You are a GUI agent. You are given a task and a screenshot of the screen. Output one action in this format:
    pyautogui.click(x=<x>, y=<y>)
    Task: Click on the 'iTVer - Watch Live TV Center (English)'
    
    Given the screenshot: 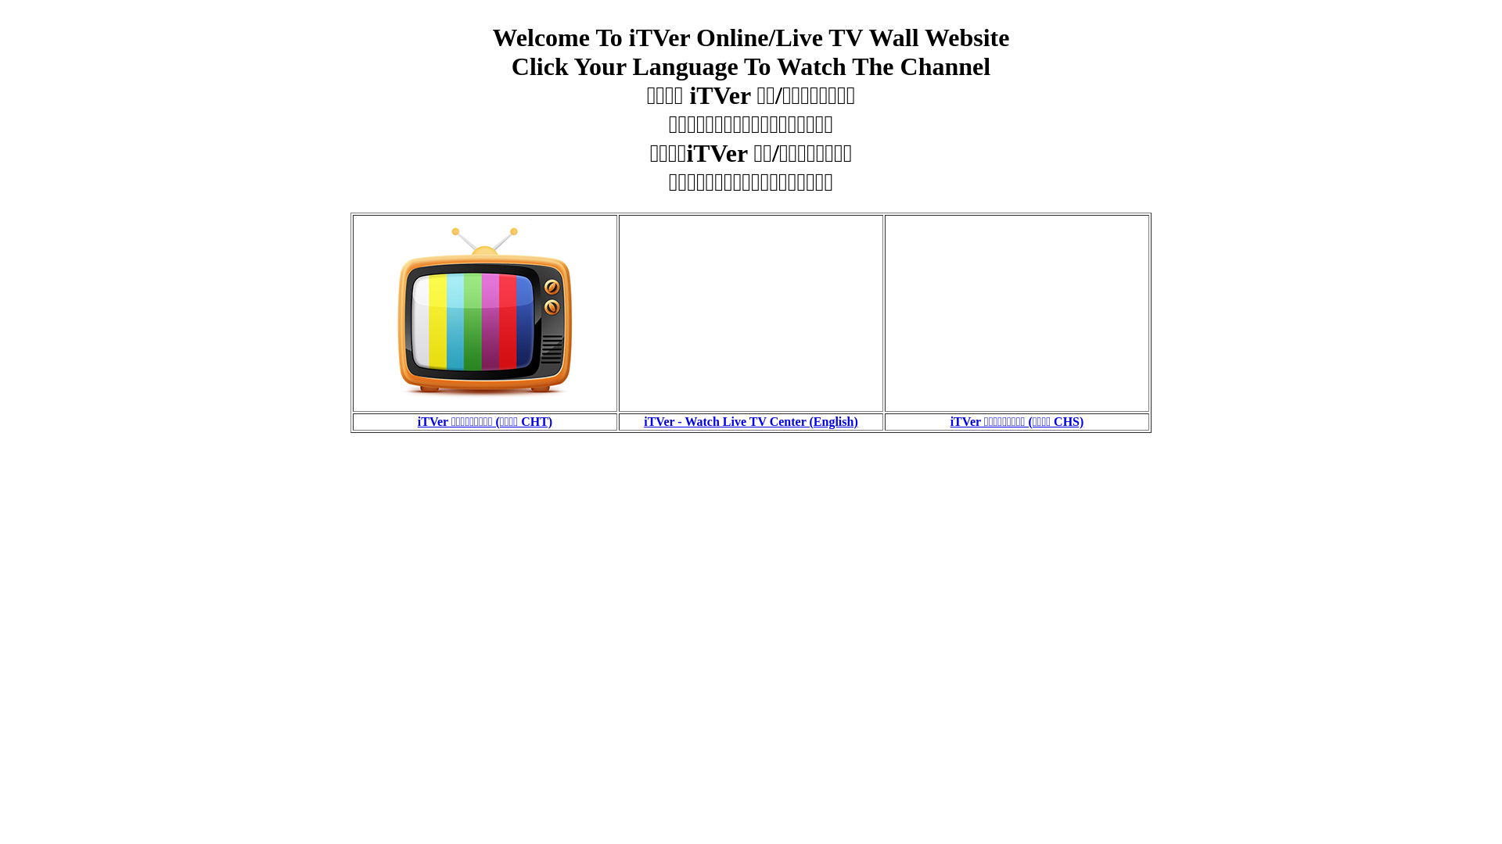 What is the action you would take?
    pyautogui.click(x=751, y=420)
    